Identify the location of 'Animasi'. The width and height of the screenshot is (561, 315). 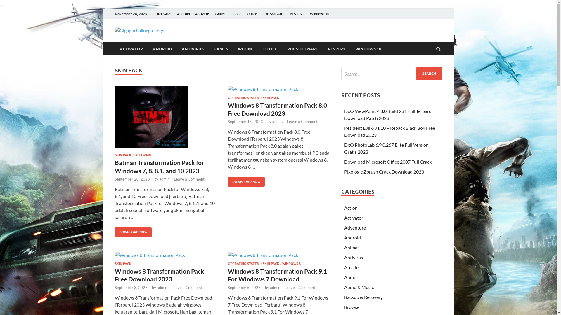
(352, 247).